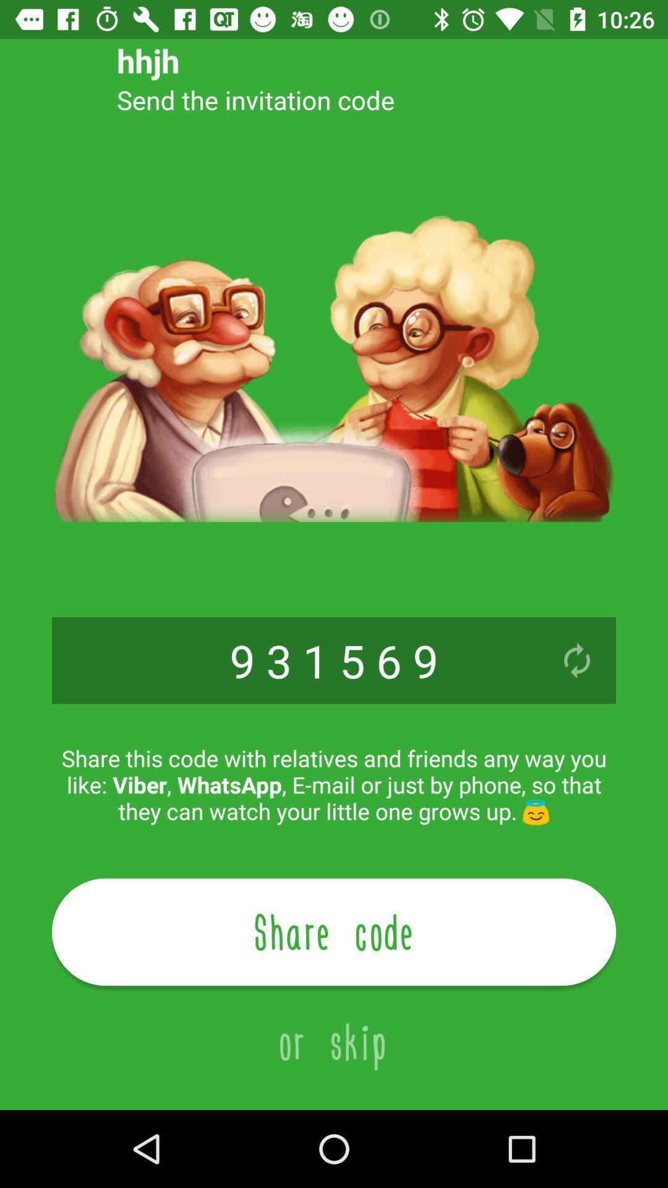  Describe the element at coordinates (334, 1028) in the screenshot. I see `or skip item` at that location.